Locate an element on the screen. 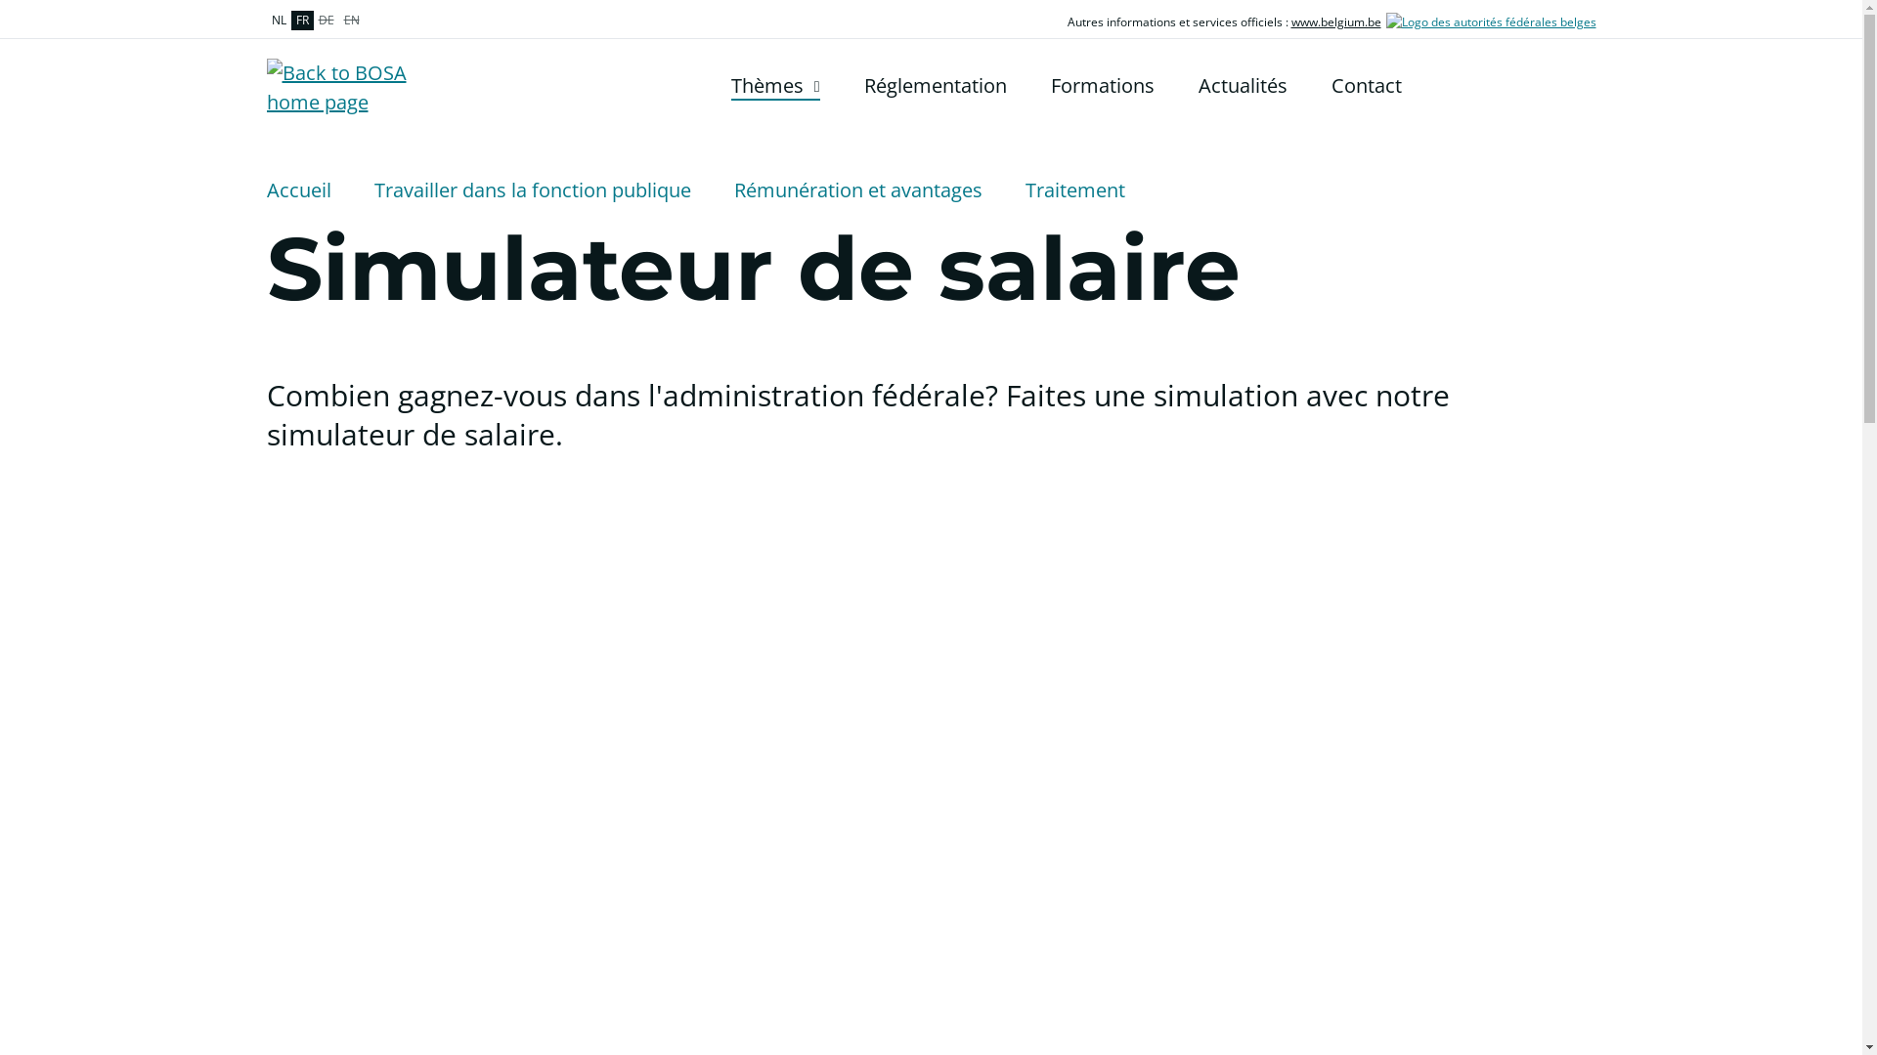  'Formations' is located at coordinates (1102, 85).